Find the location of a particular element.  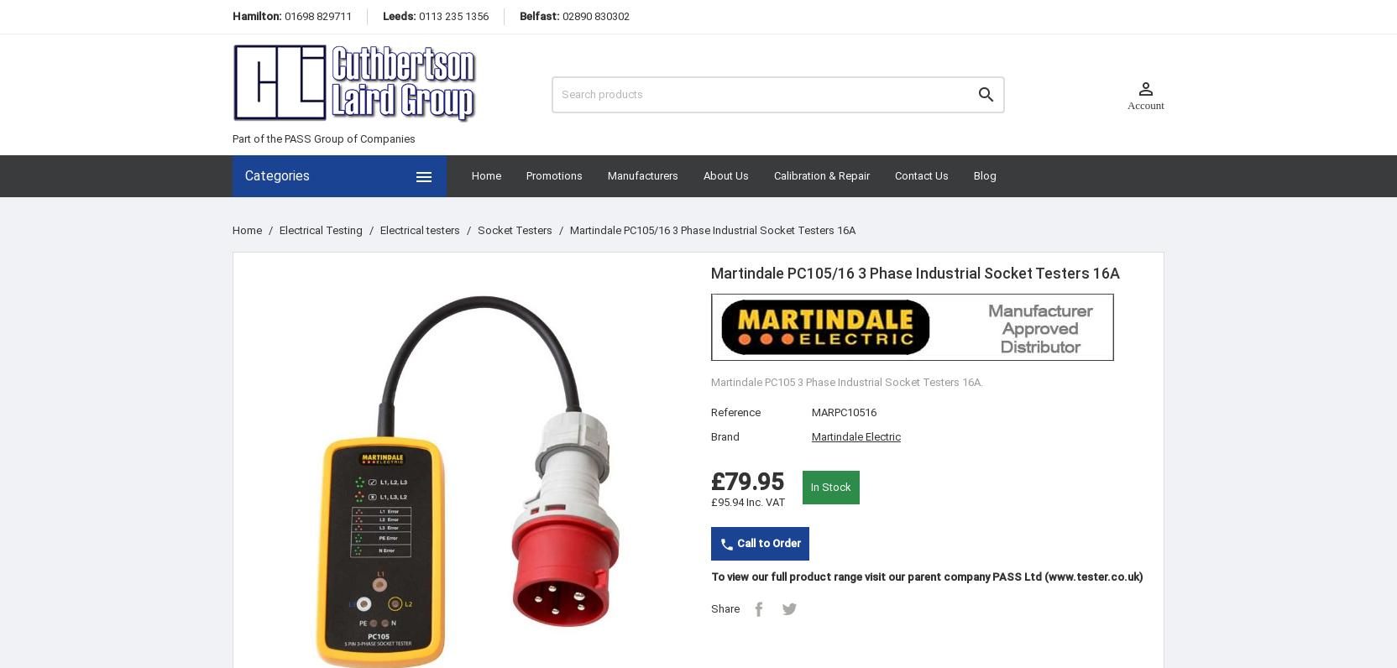

'Sign in' is located at coordinates (1065, 133).